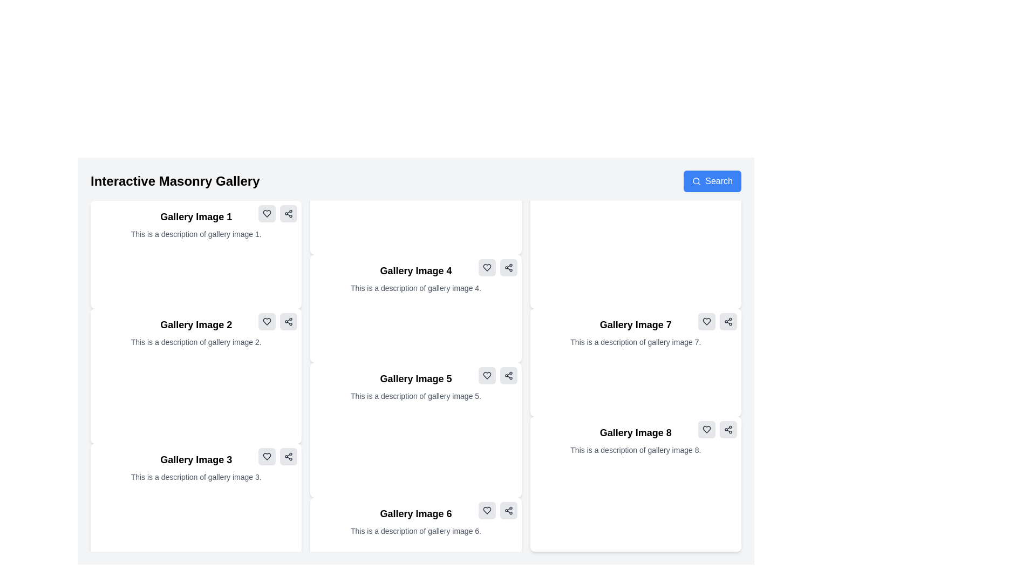 The height and width of the screenshot is (583, 1036). I want to click on the rounded rectangular button with a gray background and heart icon, so click(267, 321).